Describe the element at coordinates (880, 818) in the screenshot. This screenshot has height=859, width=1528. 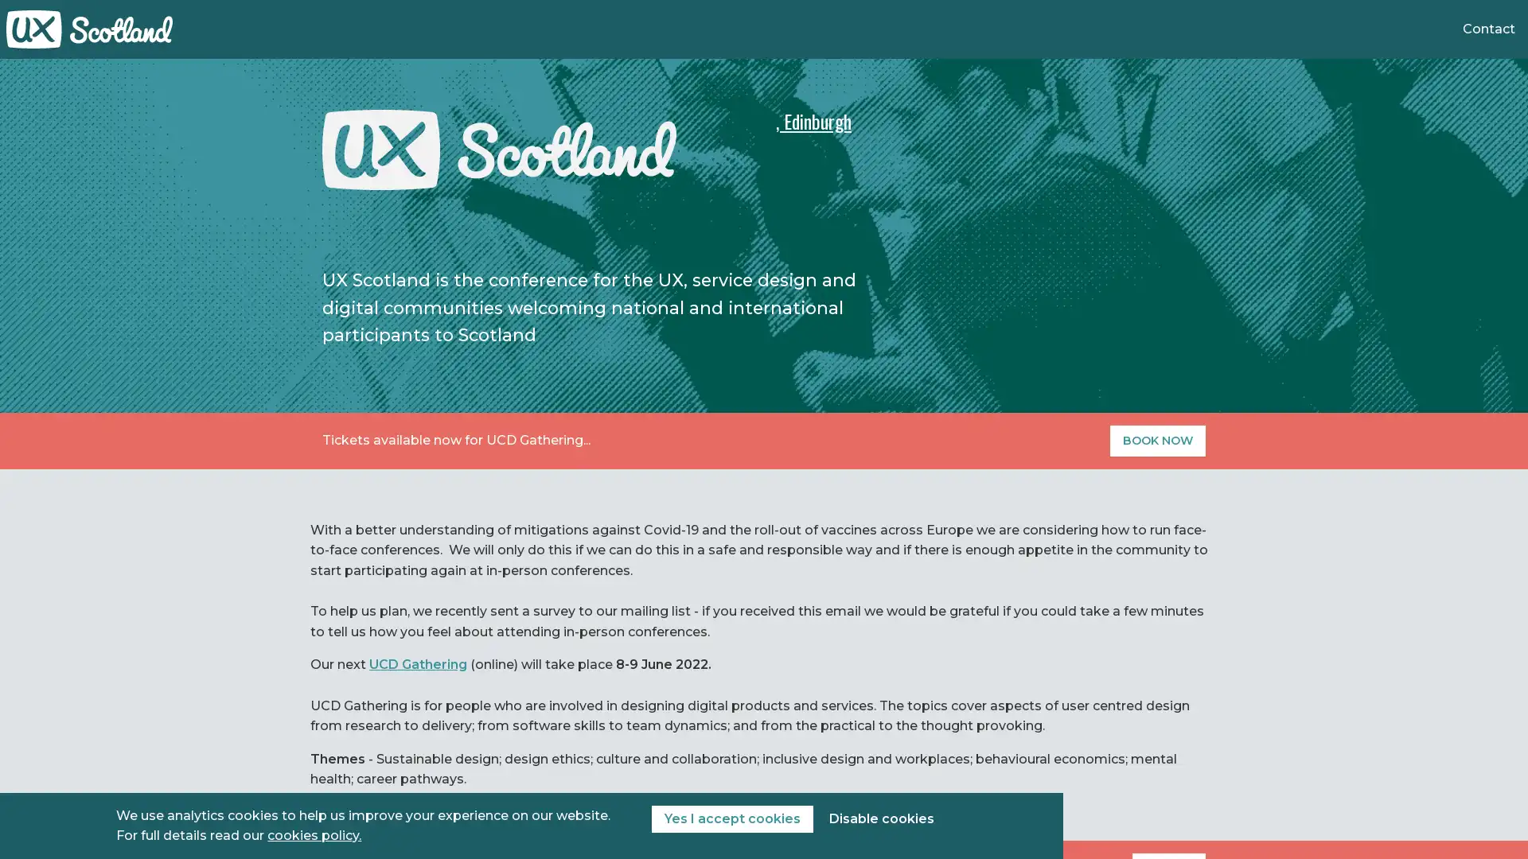
I see `Disable cookies` at that location.